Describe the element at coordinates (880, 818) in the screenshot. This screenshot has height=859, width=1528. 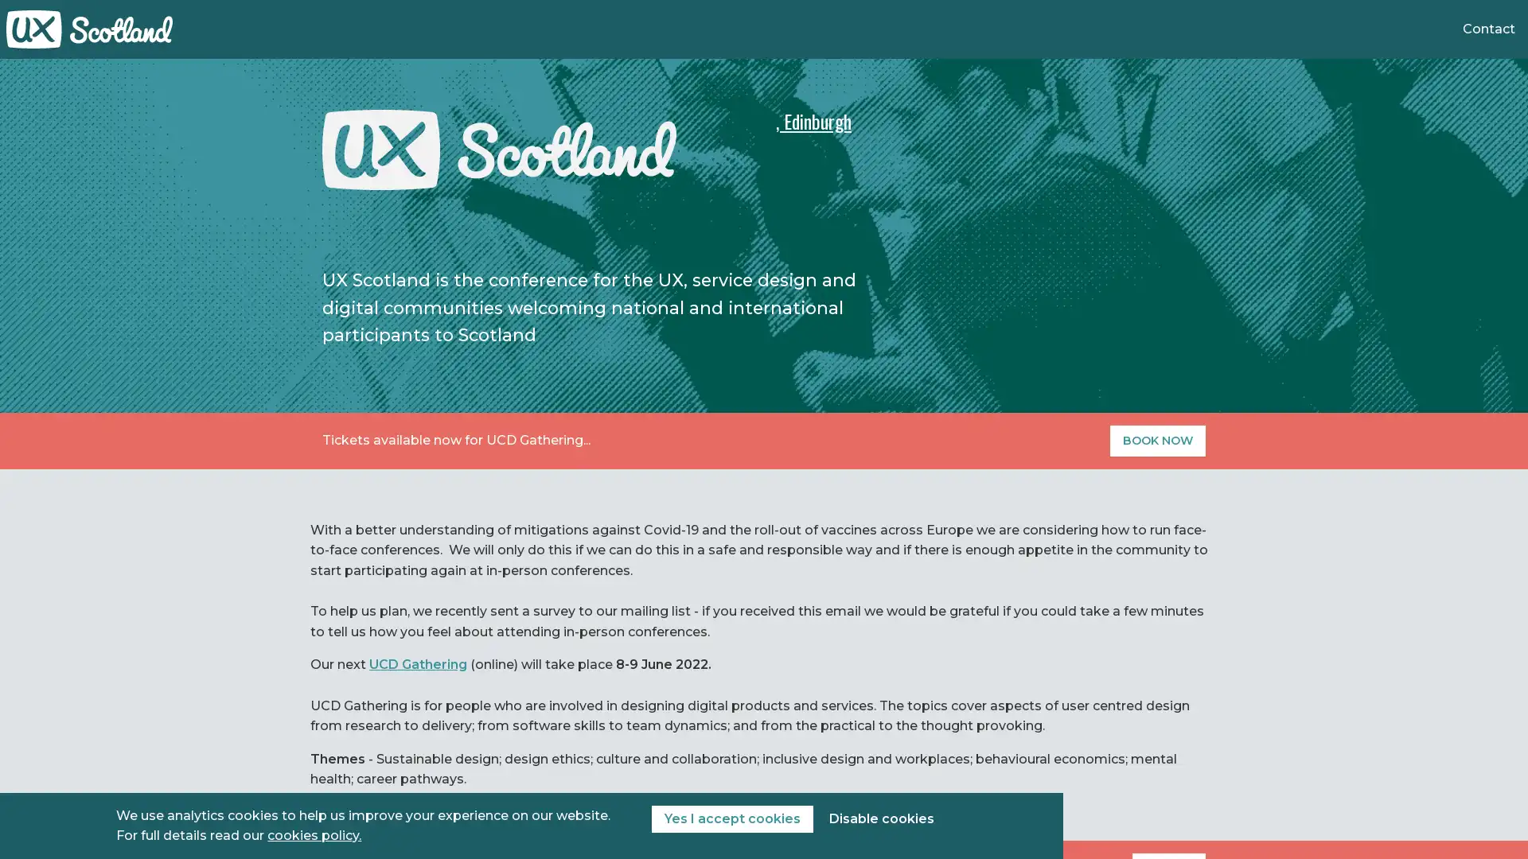
I see `Disable cookies` at that location.